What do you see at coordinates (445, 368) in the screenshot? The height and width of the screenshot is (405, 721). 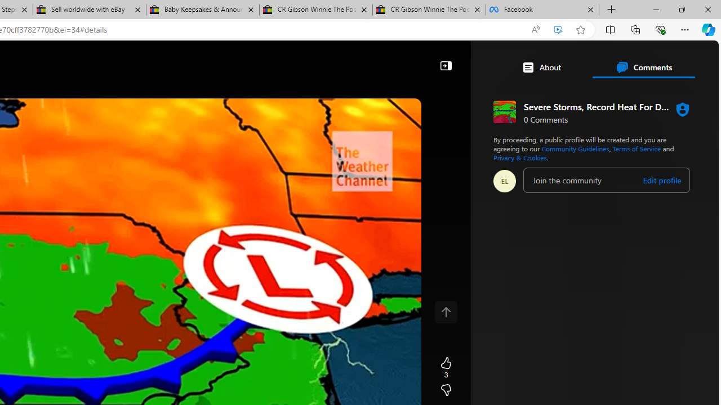 I see `'3 Like'` at bounding box center [445, 368].